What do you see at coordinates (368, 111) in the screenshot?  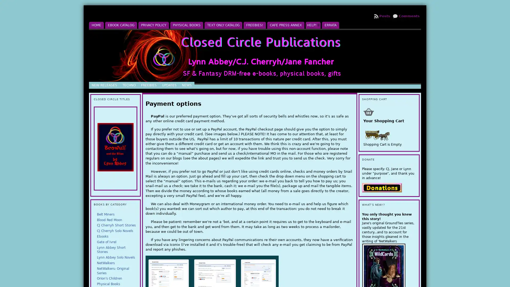 I see `Shopping Cart` at bounding box center [368, 111].